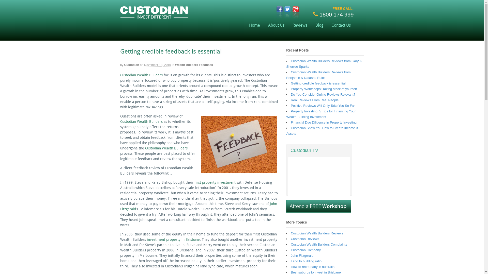 The width and height of the screenshot is (488, 274). Describe the element at coordinates (132, 64) in the screenshot. I see `'Custodian'` at that location.